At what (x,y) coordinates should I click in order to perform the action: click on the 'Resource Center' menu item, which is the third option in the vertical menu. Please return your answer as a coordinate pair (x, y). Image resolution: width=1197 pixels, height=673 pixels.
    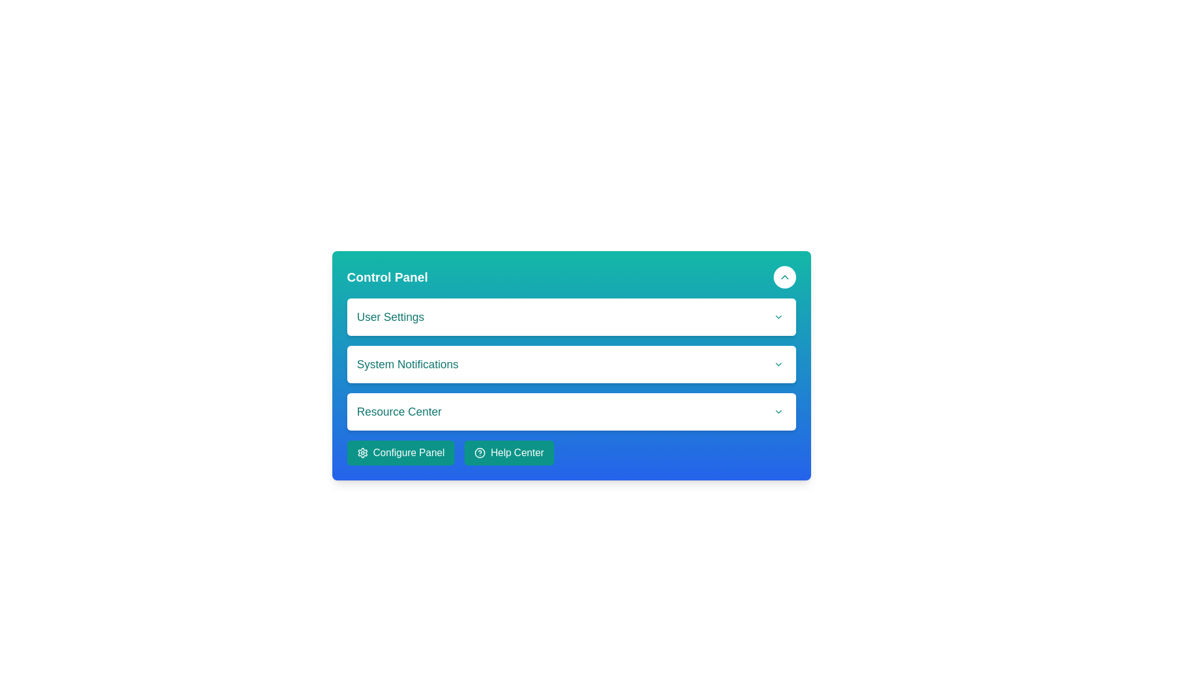
    Looking at the image, I should click on (570, 411).